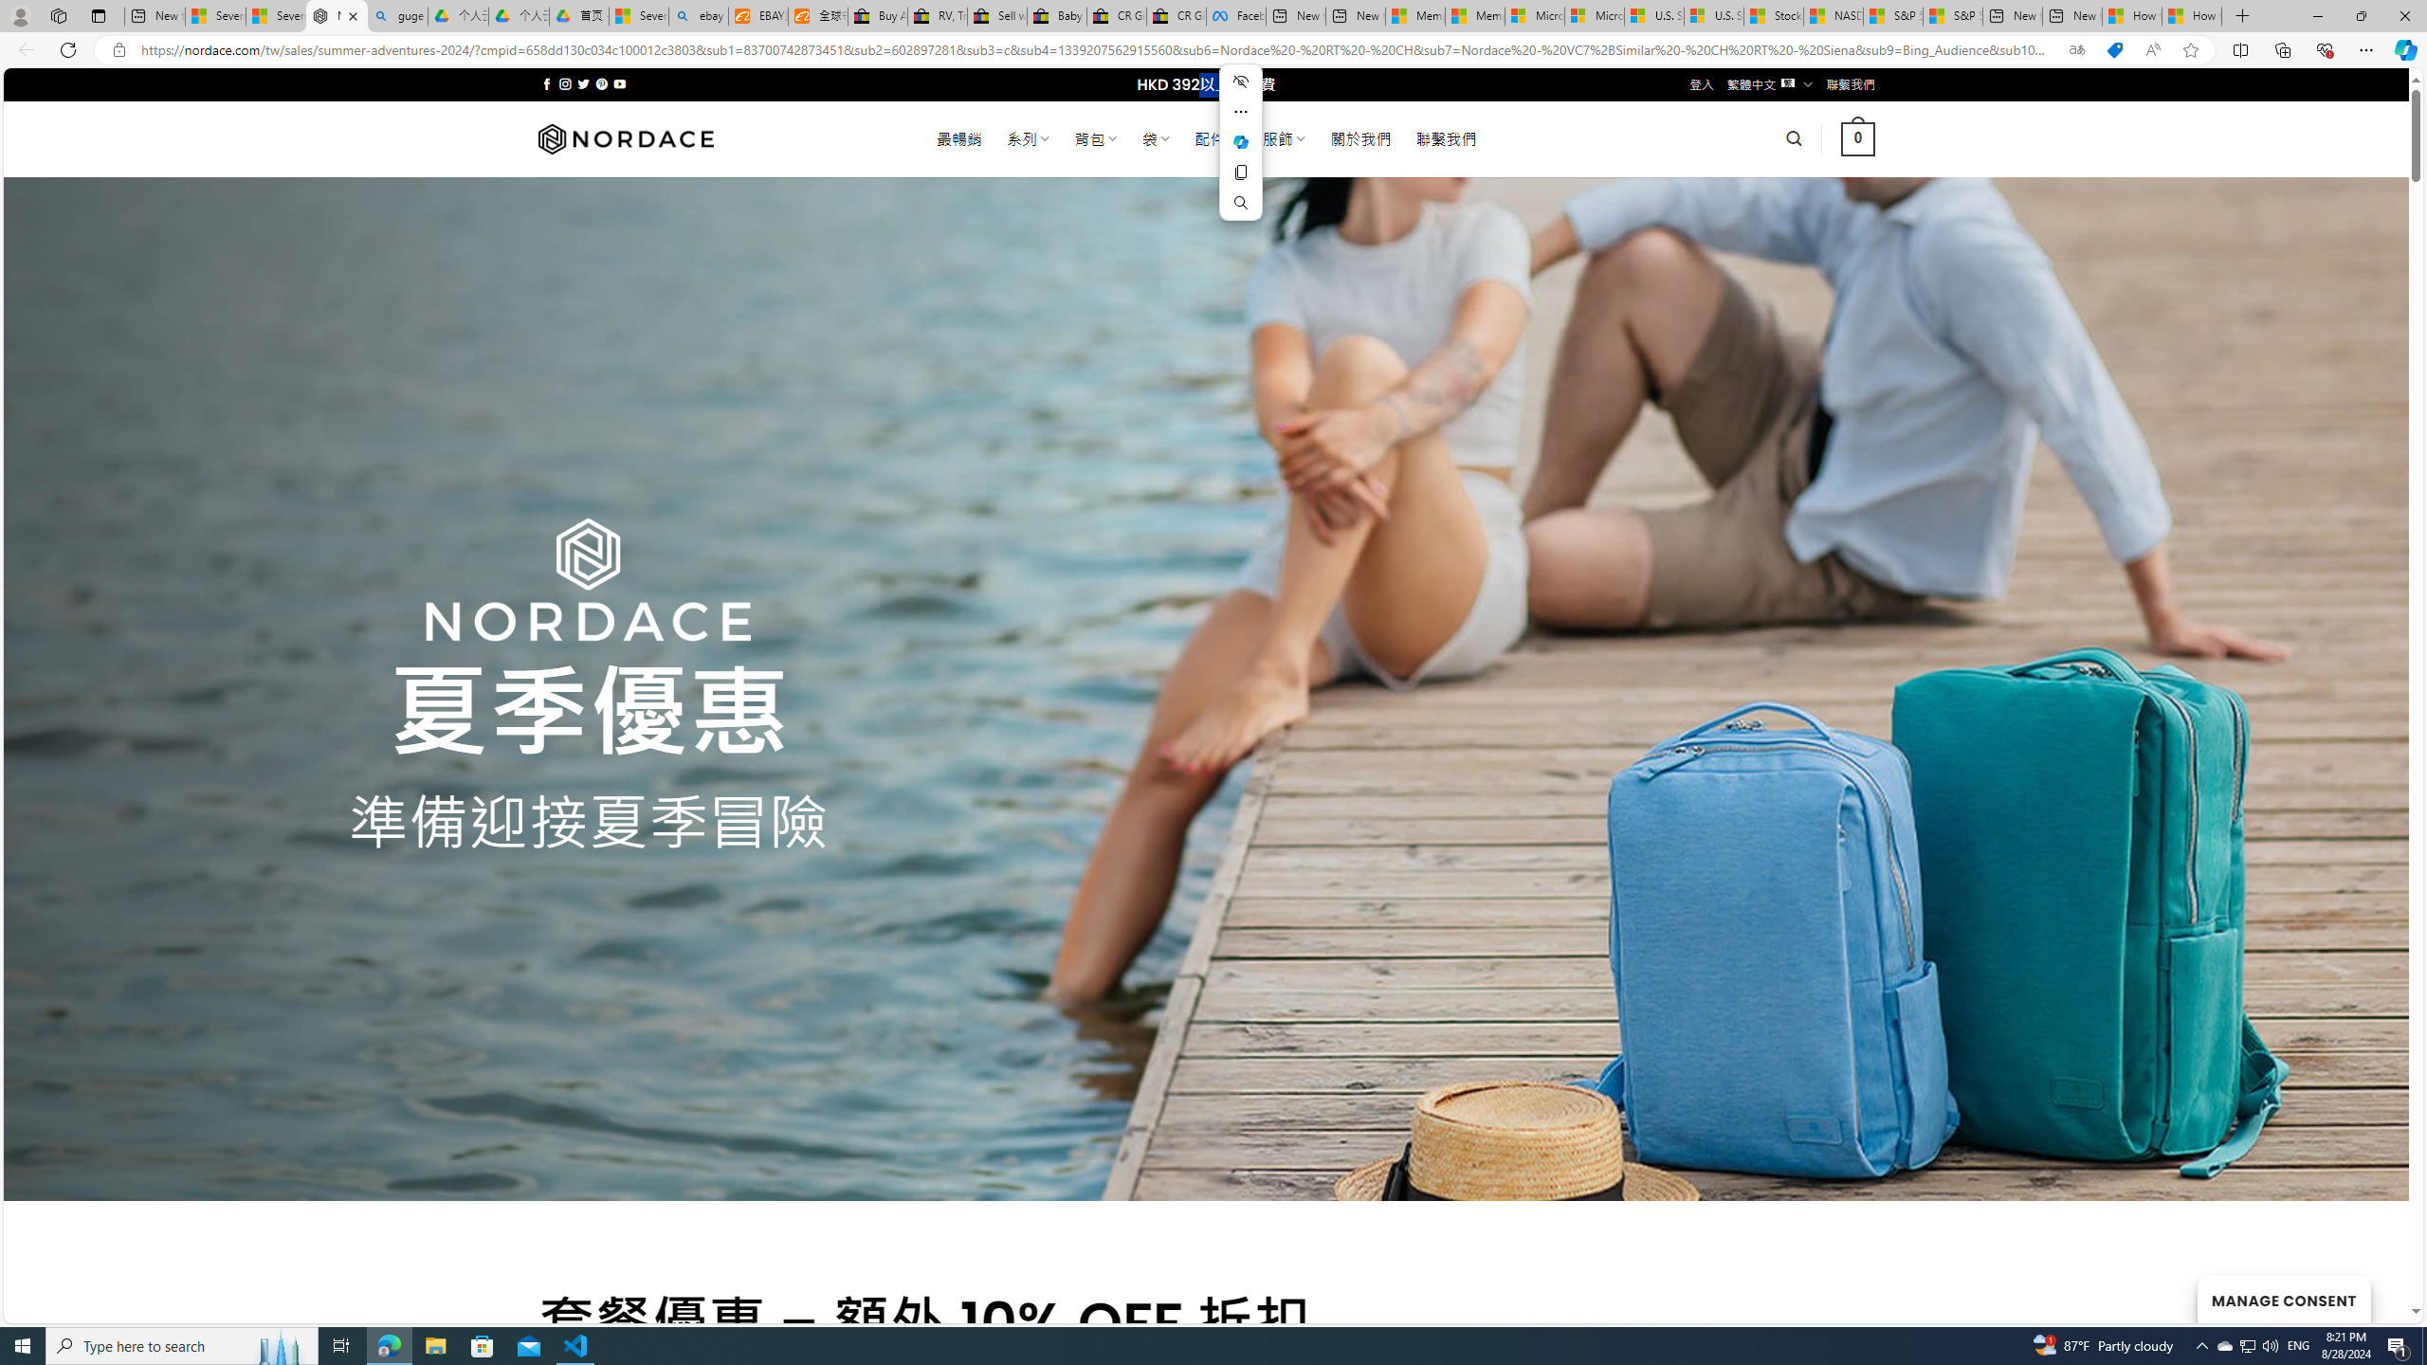  What do you see at coordinates (1240, 141) in the screenshot?
I see `'Mini menu on text selection'` at bounding box center [1240, 141].